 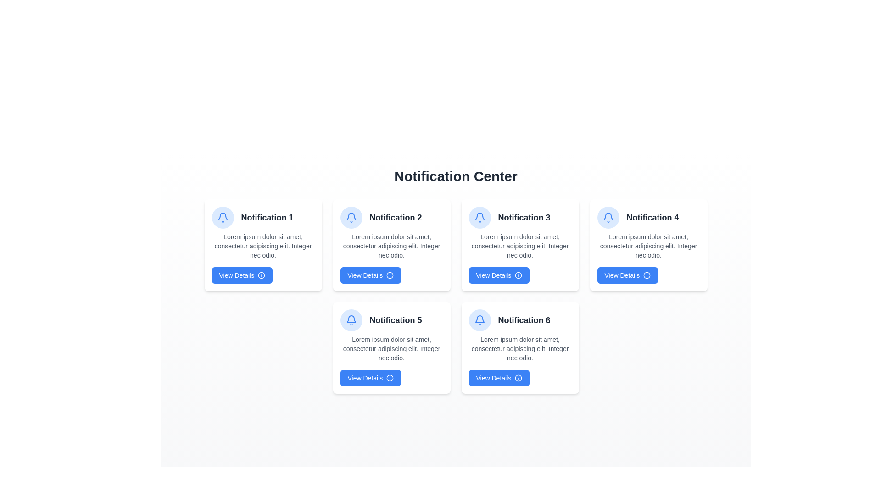 I want to click on the 'View Details' button located in the sixth notification card, so click(x=498, y=378).